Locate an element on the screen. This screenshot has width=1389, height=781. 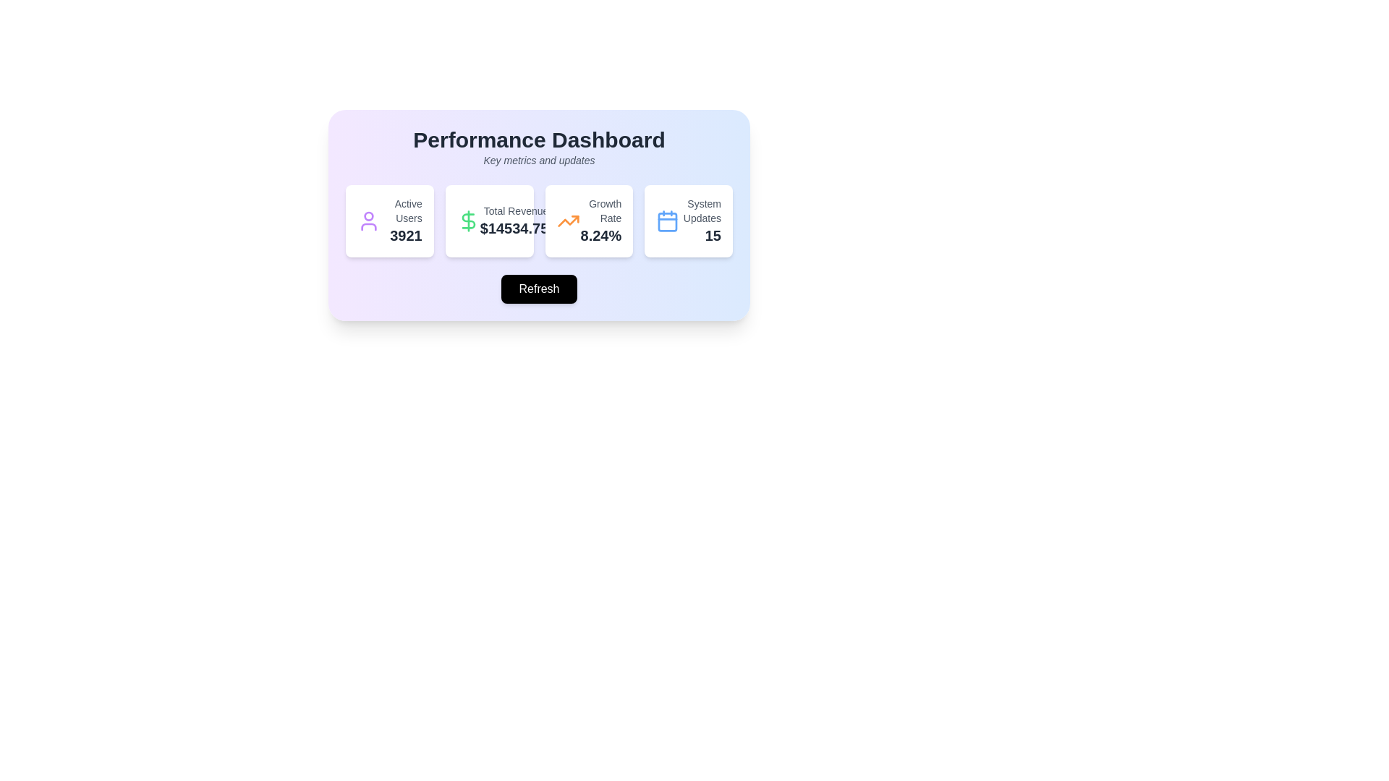
the information displayed on the 'System Updates' summary card component, which is the fourth card in a horizontal layout on the dashboard interface is located at coordinates (687, 221).